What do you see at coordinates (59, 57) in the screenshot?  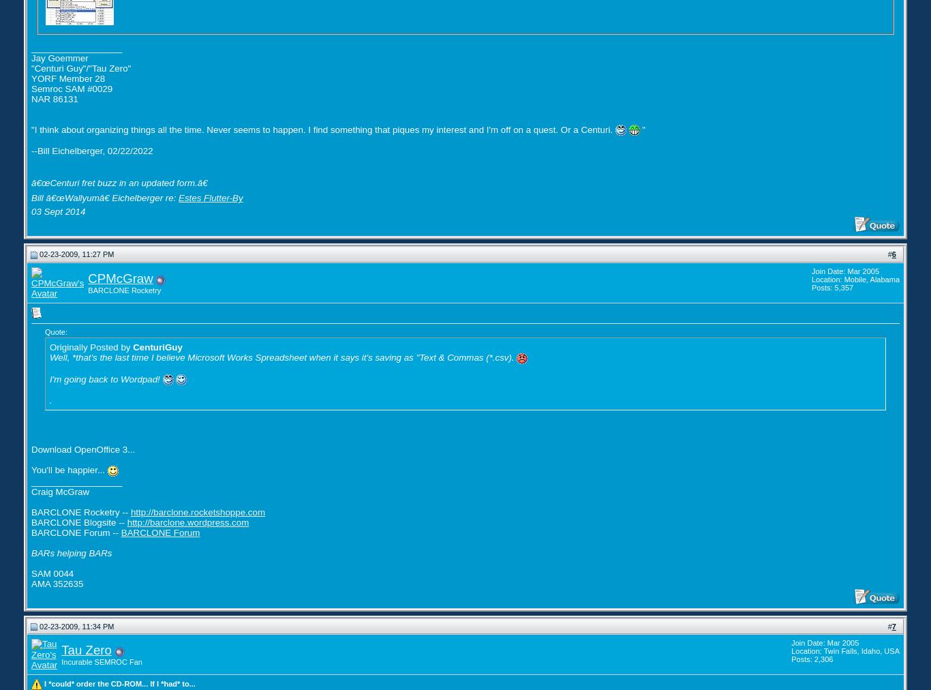 I see `'Jay Goemmer'` at bounding box center [59, 57].